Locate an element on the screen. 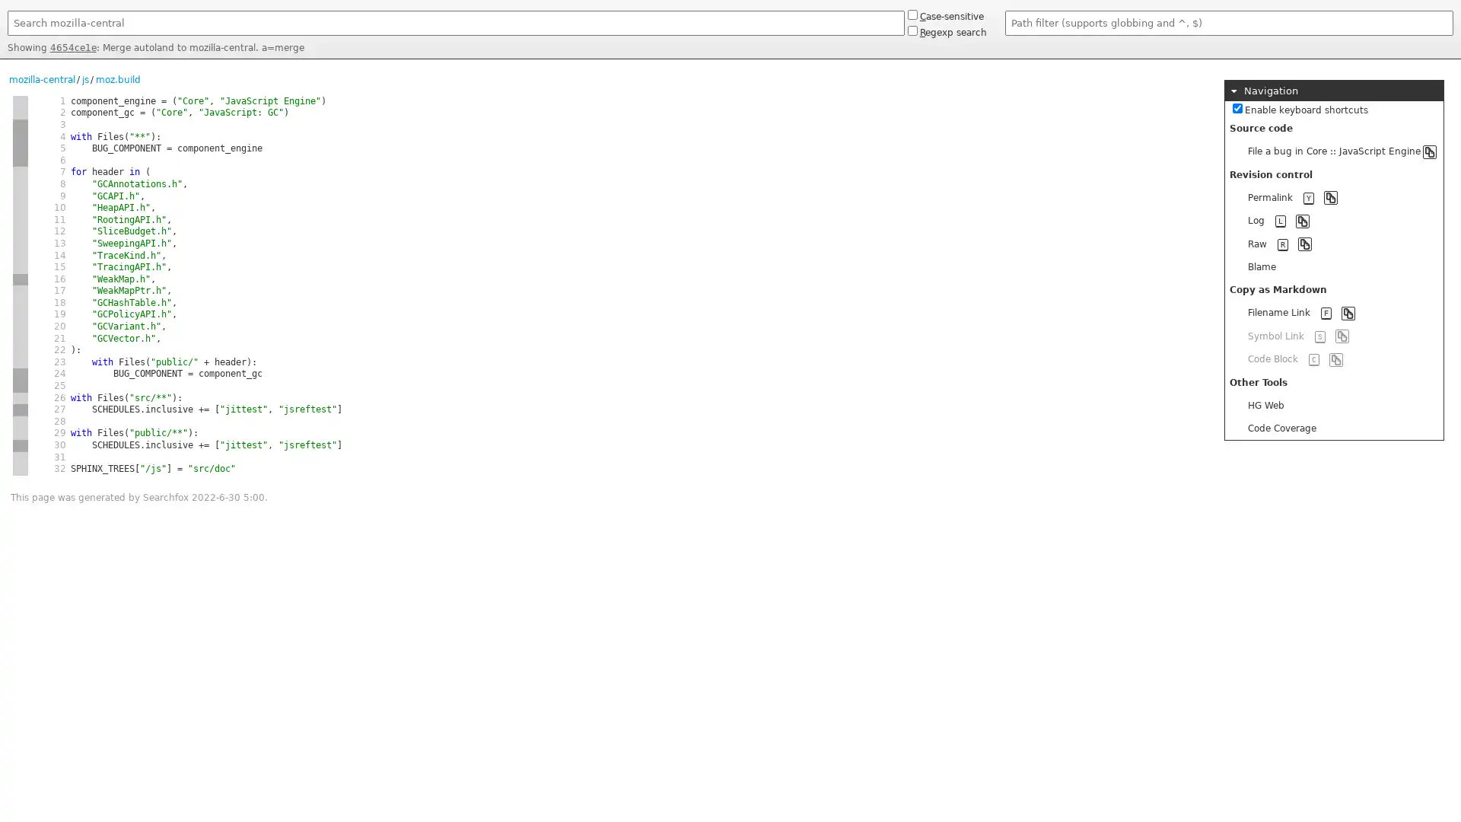 Image resolution: width=1461 pixels, height=822 pixels. new hash 4 is located at coordinates (21, 397).